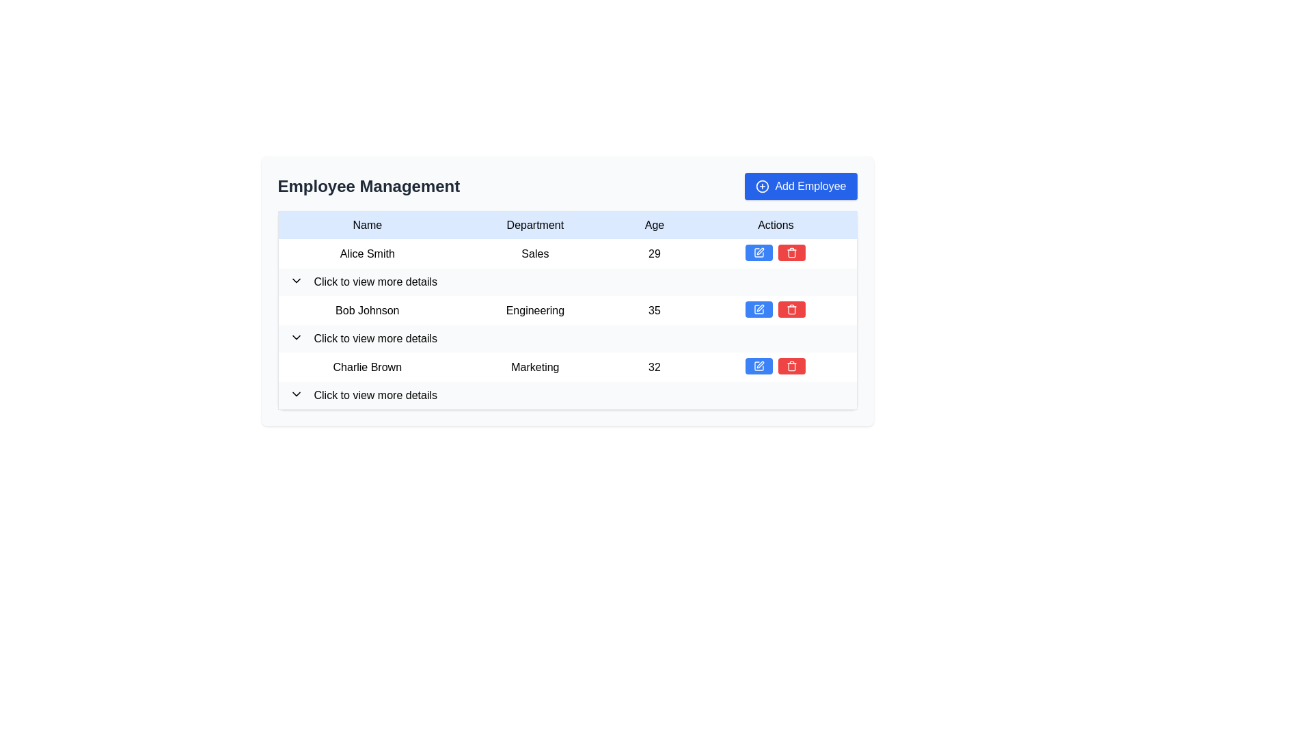 This screenshot has width=1312, height=738. I want to click on the 'Age' text label for the employee Charlie Brown, which is the third item in the row, so click(654, 366).